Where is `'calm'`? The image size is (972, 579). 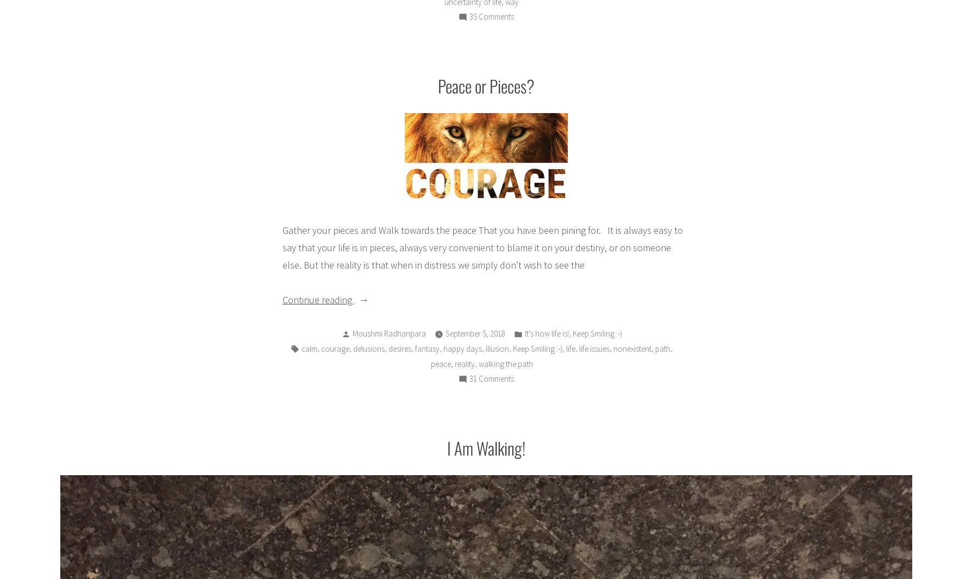
'calm' is located at coordinates (309, 348).